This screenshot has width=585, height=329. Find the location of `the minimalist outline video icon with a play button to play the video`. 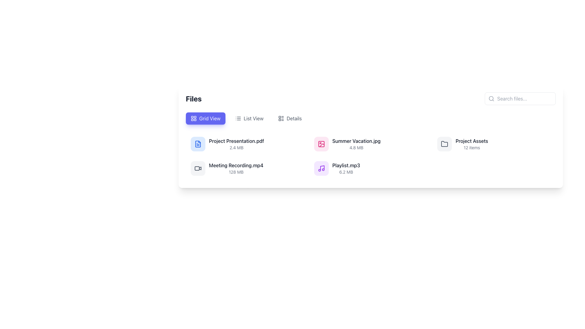

the minimalist outline video icon with a play button to play the video is located at coordinates (198, 168).